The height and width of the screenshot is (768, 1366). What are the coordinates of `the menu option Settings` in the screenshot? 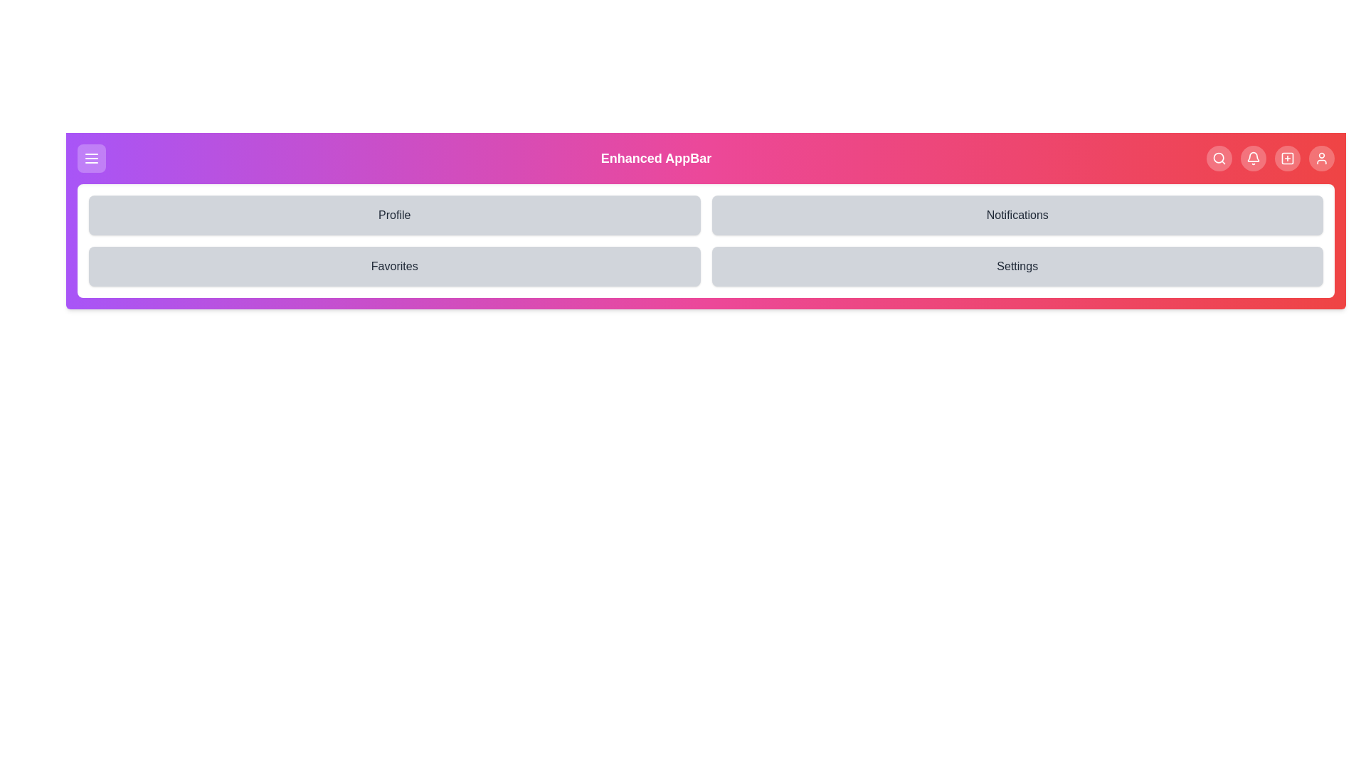 It's located at (1017, 266).